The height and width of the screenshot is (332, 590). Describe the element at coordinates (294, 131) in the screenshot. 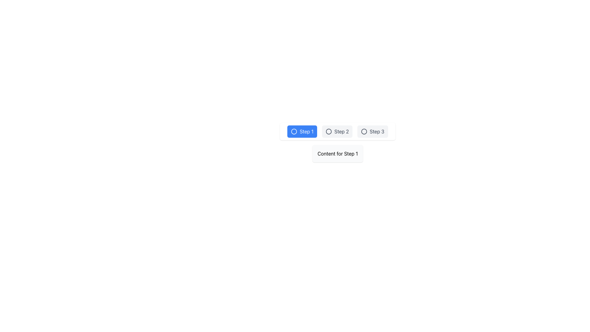

I see `SVG properties of the circular icon located to the left of the text 'Step 1' on the button with a blue background` at that location.